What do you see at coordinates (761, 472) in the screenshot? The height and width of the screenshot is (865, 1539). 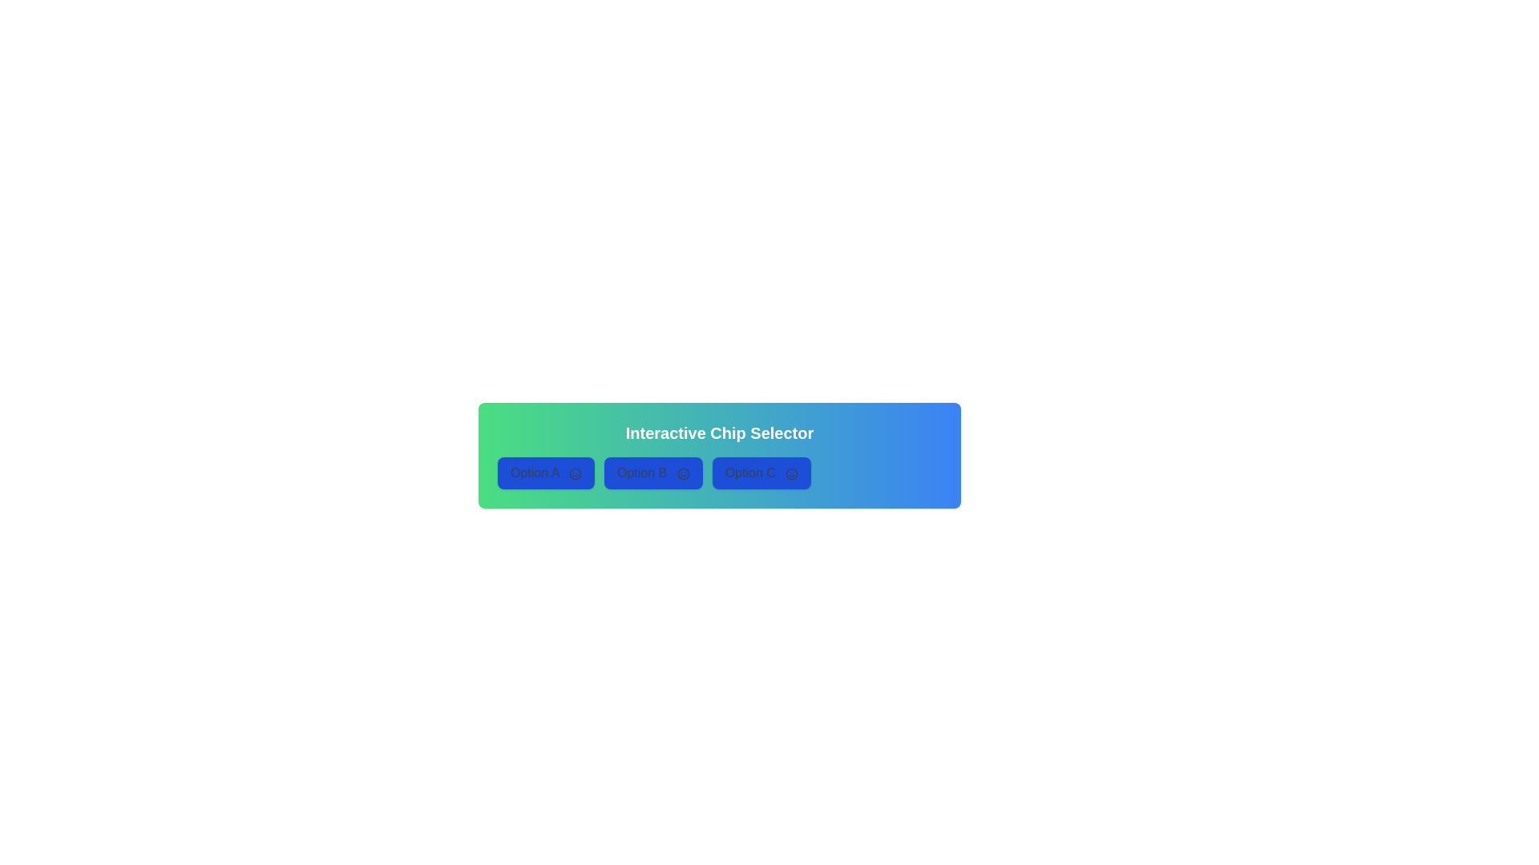 I see `the option Option C by clicking on its respective button` at bounding box center [761, 472].